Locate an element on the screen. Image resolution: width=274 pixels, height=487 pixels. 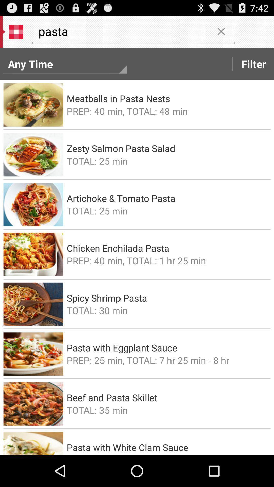
the item to the right of the pasta item is located at coordinates (221, 31).